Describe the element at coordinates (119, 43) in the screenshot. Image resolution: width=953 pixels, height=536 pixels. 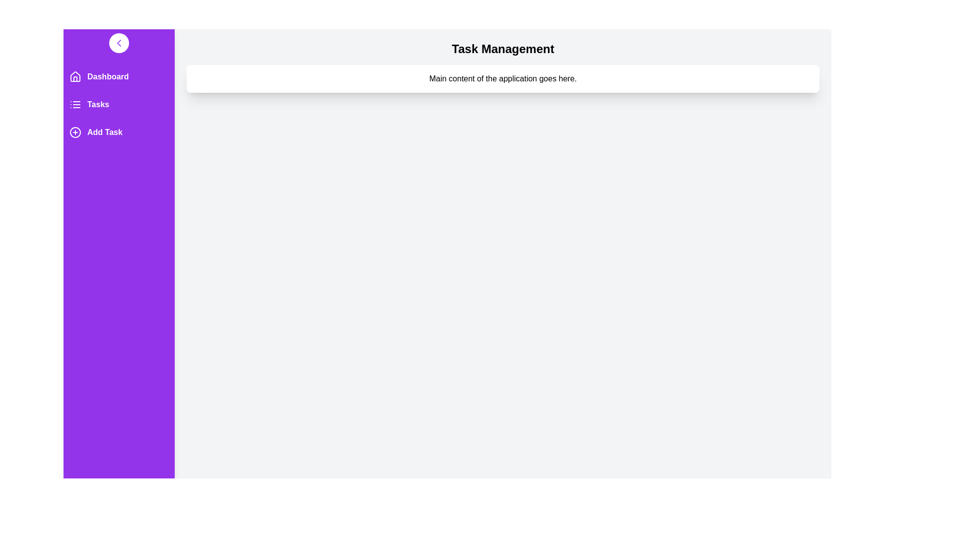
I see `toggle button to change the sidebar's state` at that location.